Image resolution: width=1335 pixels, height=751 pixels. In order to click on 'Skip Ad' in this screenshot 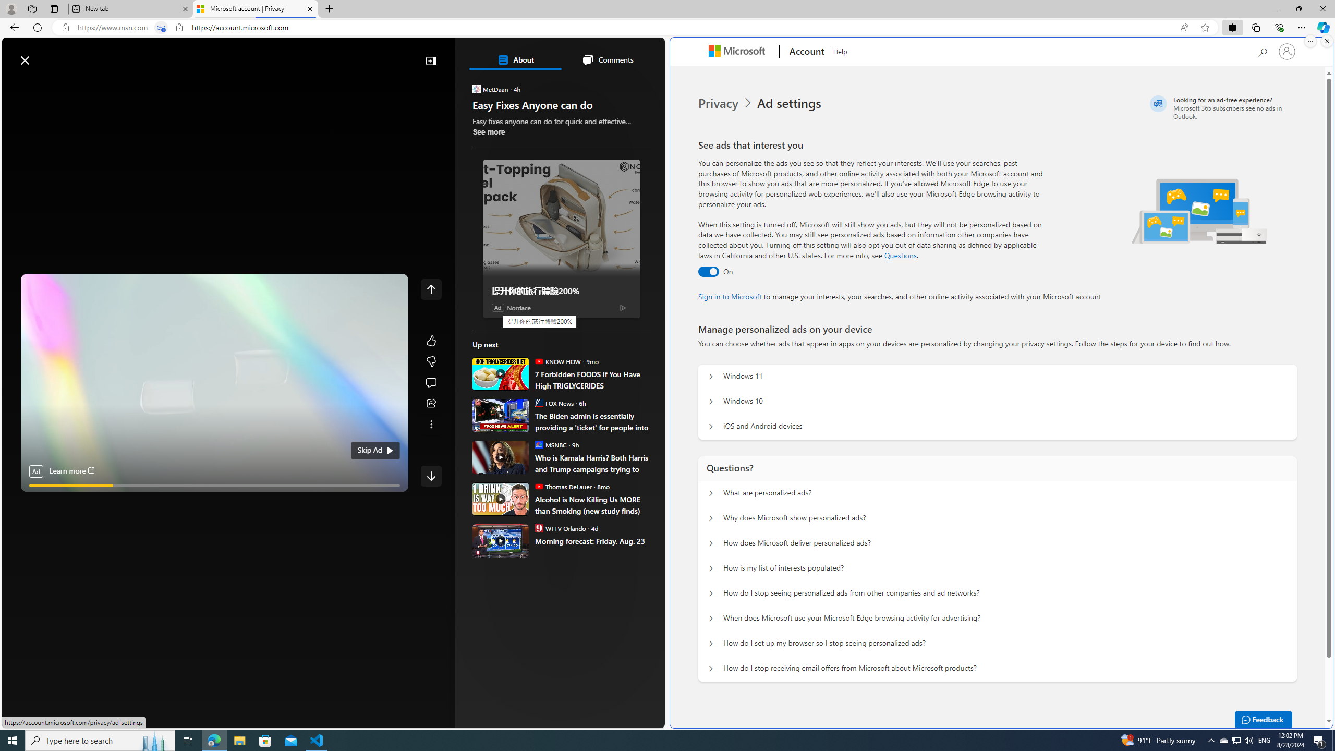, I will do `click(370, 450)`.